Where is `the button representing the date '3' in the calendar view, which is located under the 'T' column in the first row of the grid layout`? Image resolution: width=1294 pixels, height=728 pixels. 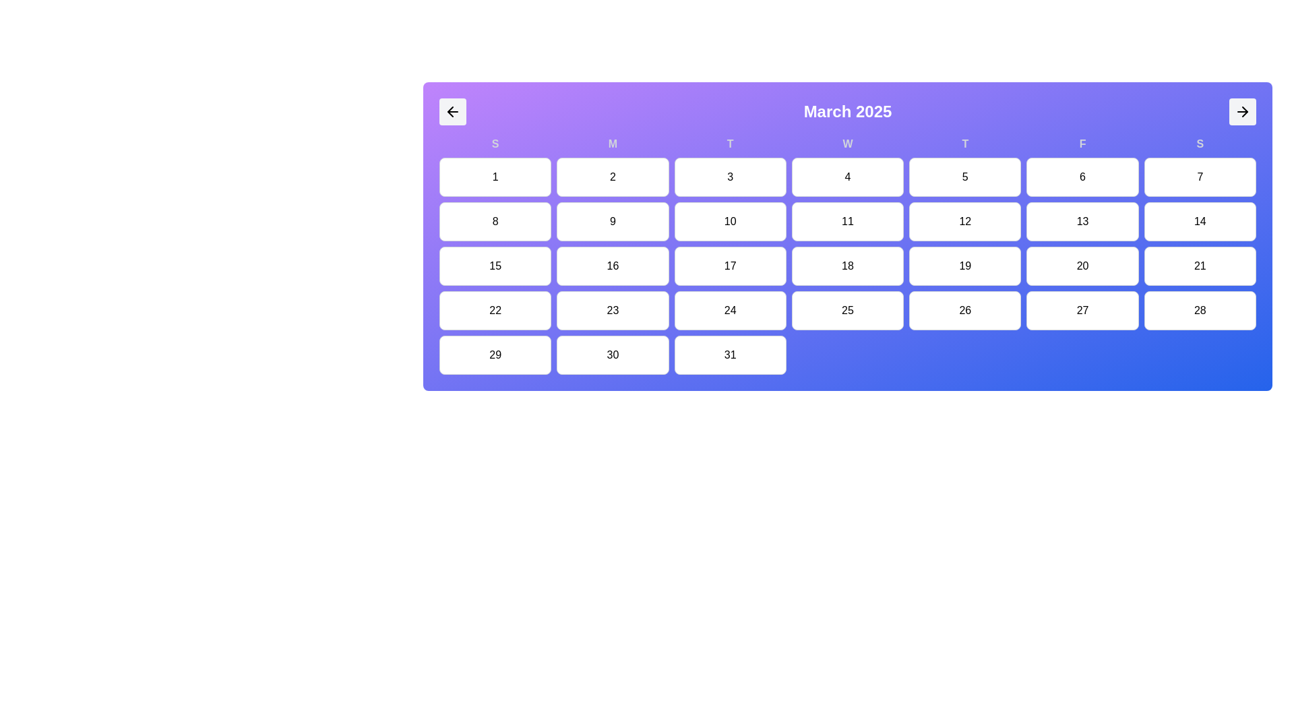
the button representing the date '3' in the calendar view, which is located under the 'T' column in the first row of the grid layout is located at coordinates (729, 176).